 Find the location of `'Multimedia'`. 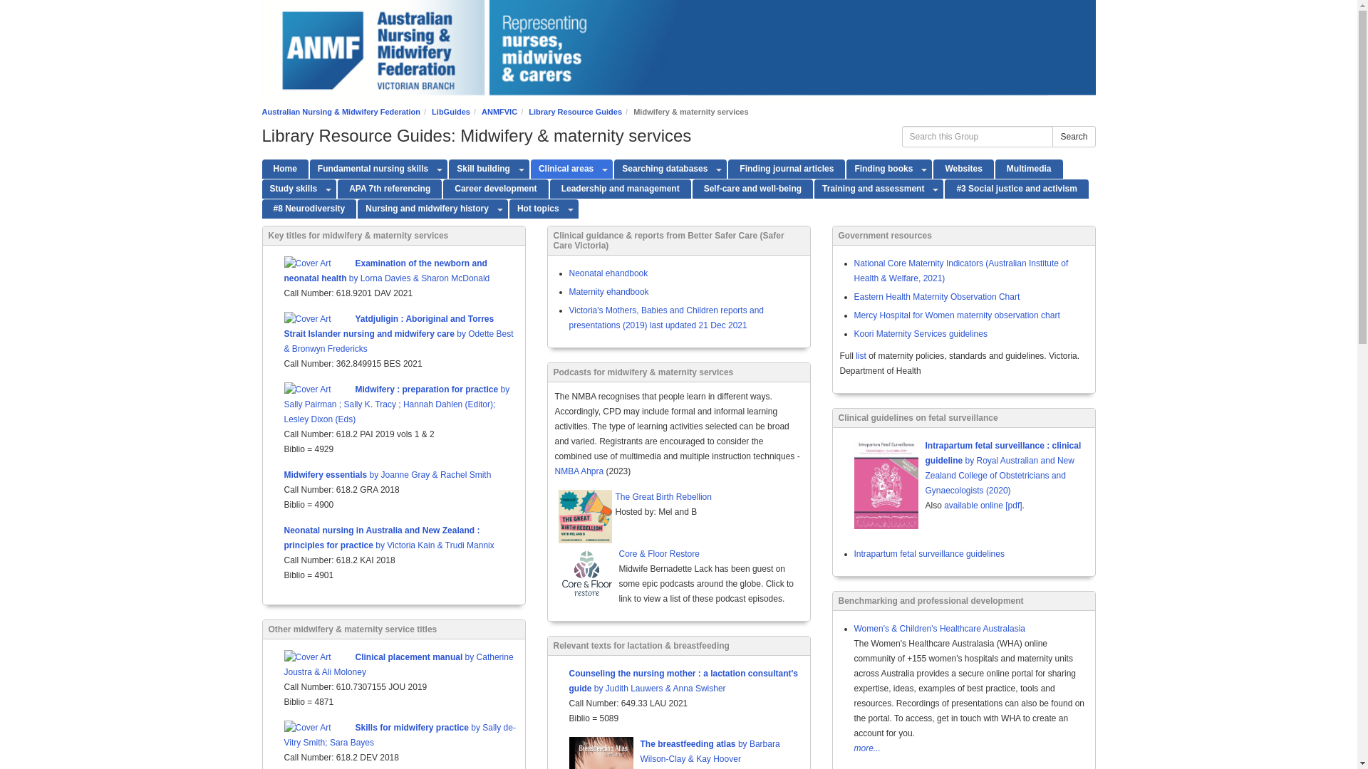

'Multimedia' is located at coordinates (994, 168).